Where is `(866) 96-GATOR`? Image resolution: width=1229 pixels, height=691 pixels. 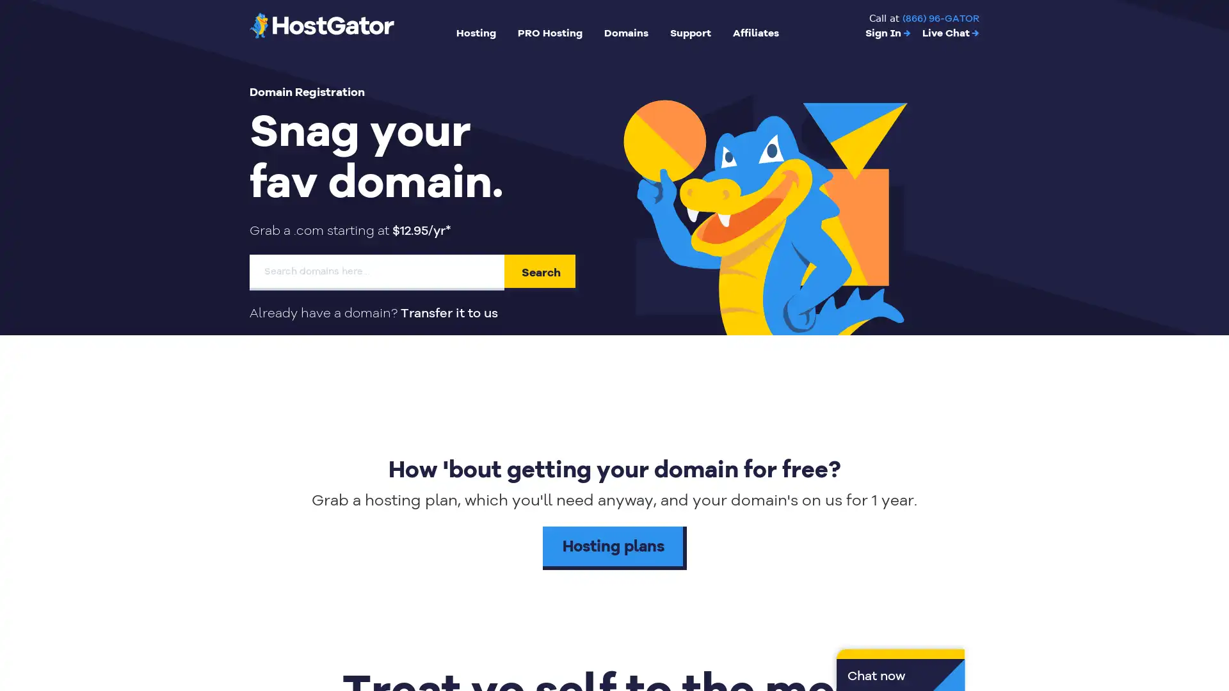 (866) 96-GATOR is located at coordinates (940, 19).